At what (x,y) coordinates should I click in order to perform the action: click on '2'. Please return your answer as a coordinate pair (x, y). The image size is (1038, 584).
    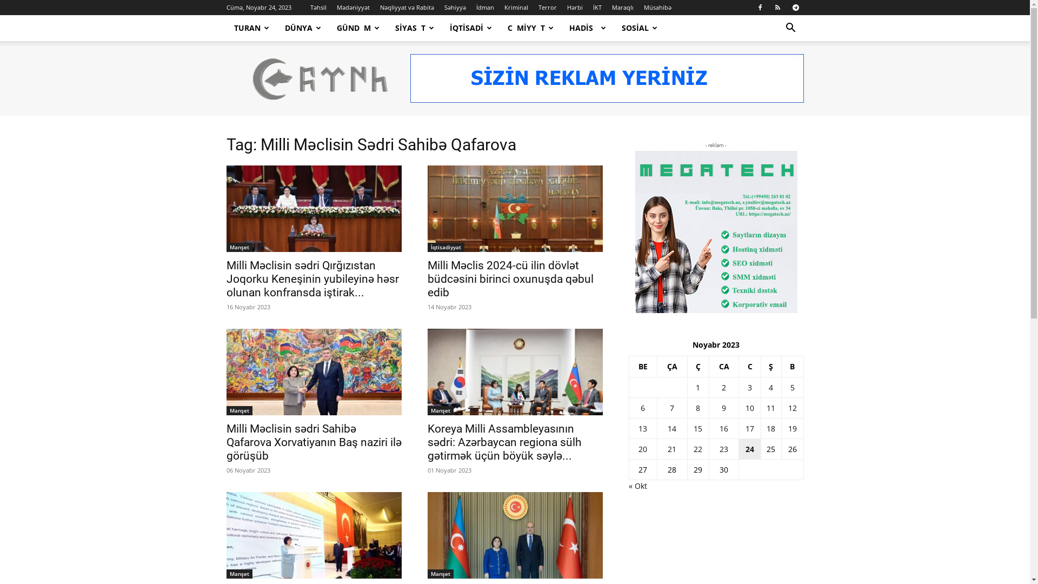
    Looking at the image, I should click on (724, 387).